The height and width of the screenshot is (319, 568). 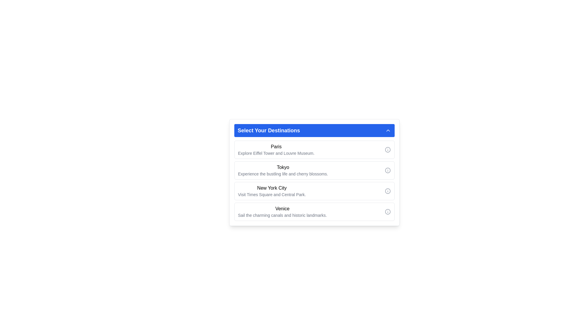 What do you see at coordinates (283, 170) in the screenshot?
I see `the Text block describing 'Tokyo', which is the second entry in the 'Select Your Destinations' menu, positioned below 'Paris' and above 'New York City'` at bounding box center [283, 170].